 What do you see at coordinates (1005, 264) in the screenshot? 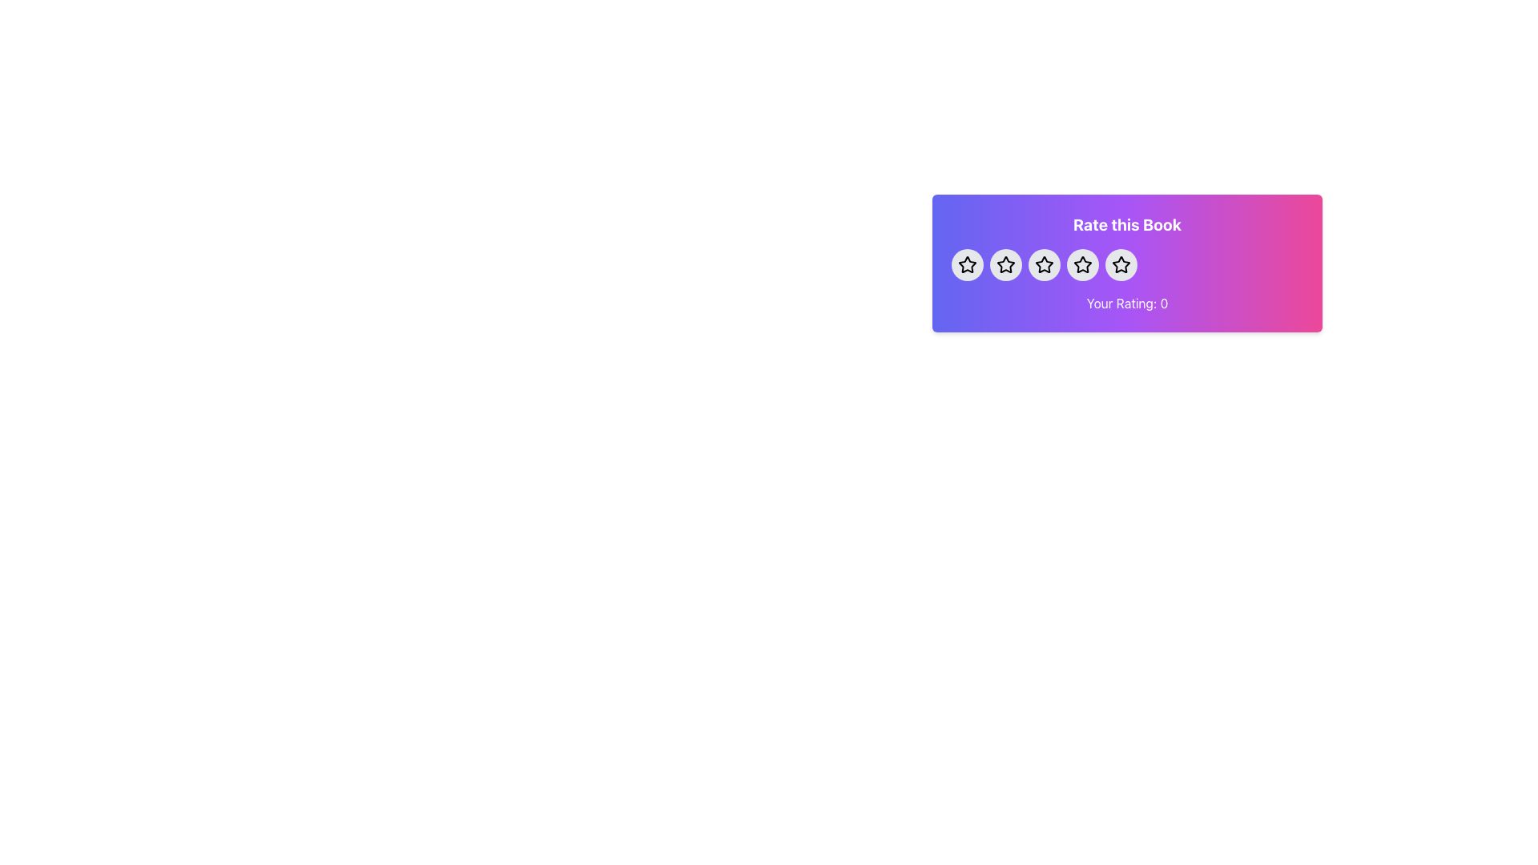
I see `the second star icon in the rating control to assign a rating to an item` at bounding box center [1005, 264].